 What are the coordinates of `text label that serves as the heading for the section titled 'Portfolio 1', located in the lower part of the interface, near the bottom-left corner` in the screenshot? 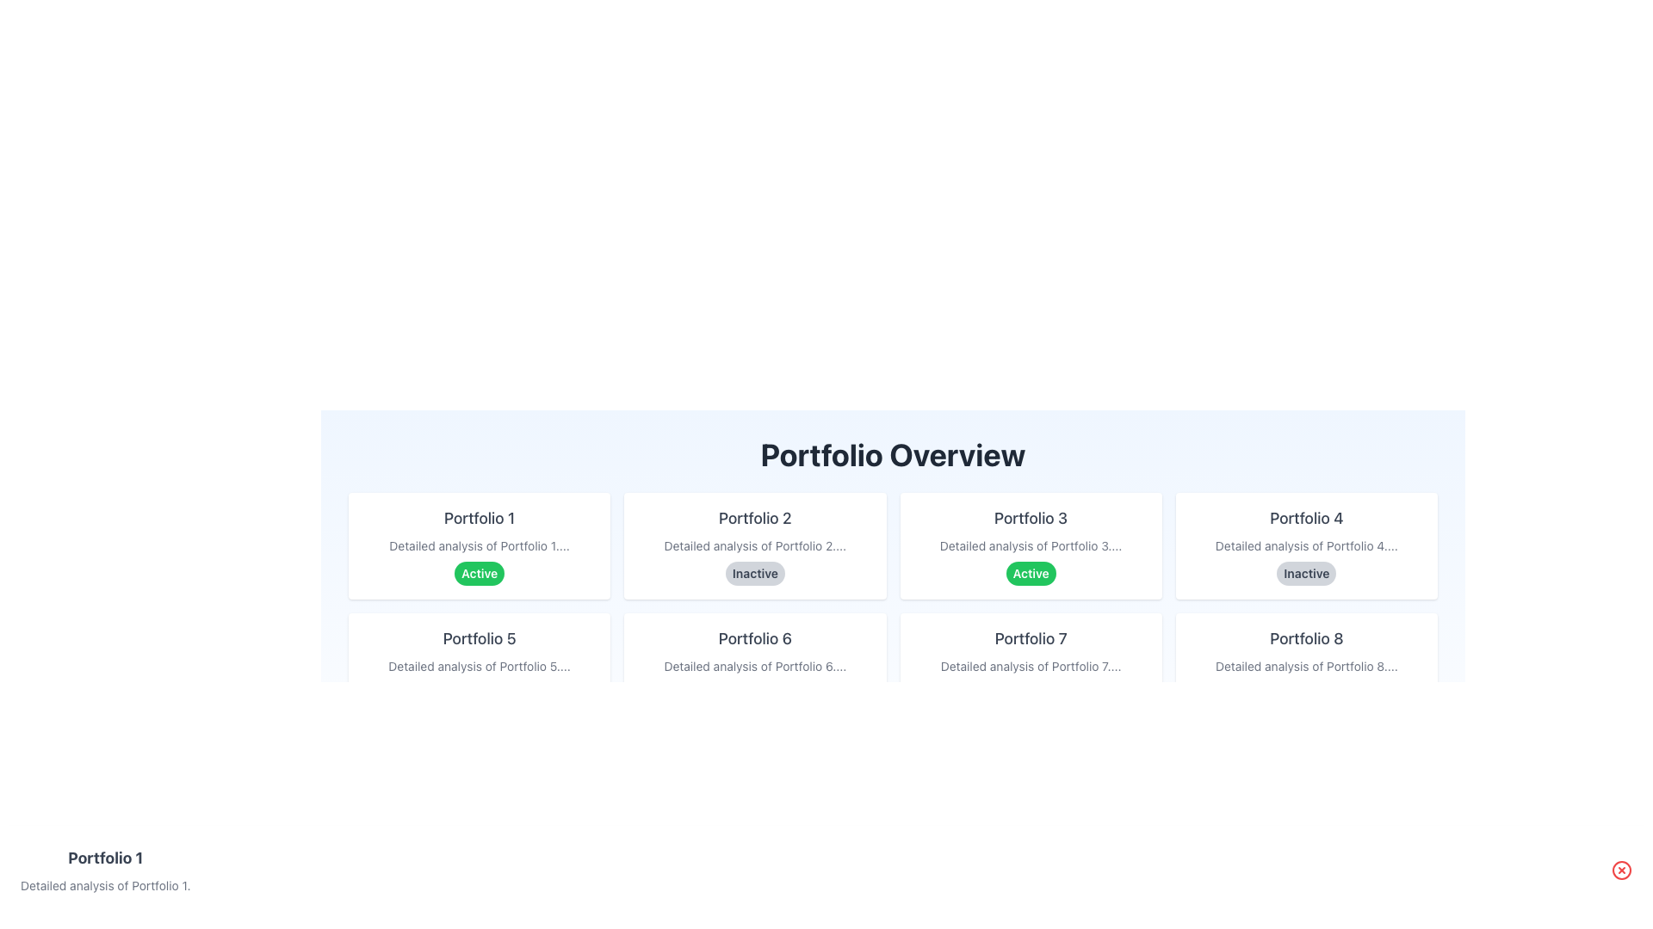 It's located at (104, 858).